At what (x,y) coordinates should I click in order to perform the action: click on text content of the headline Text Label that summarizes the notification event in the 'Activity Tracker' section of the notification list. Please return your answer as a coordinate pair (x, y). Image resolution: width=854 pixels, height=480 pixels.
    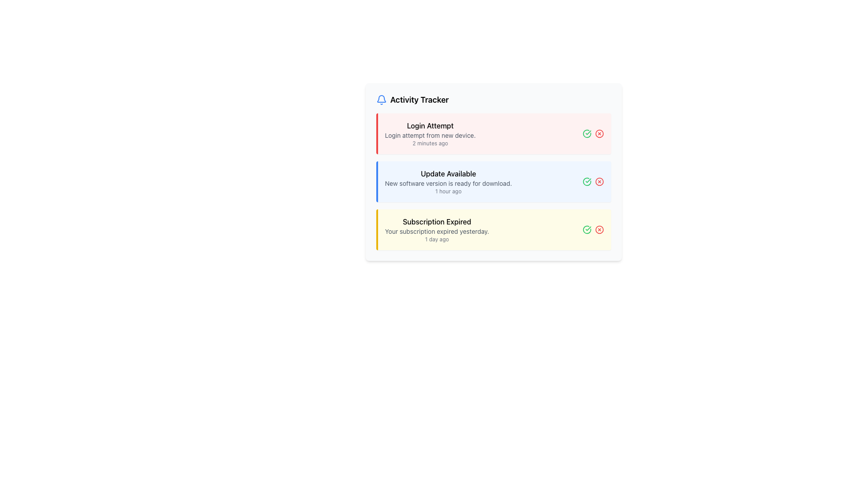
    Looking at the image, I should click on (430, 125).